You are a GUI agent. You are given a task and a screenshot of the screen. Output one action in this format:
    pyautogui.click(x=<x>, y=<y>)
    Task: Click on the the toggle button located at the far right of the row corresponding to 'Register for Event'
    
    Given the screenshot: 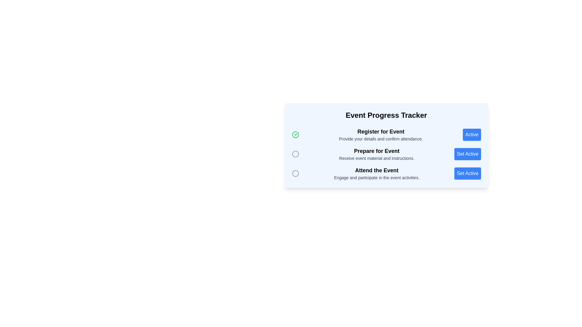 What is the action you would take?
    pyautogui.click(x=471, y=134)
    